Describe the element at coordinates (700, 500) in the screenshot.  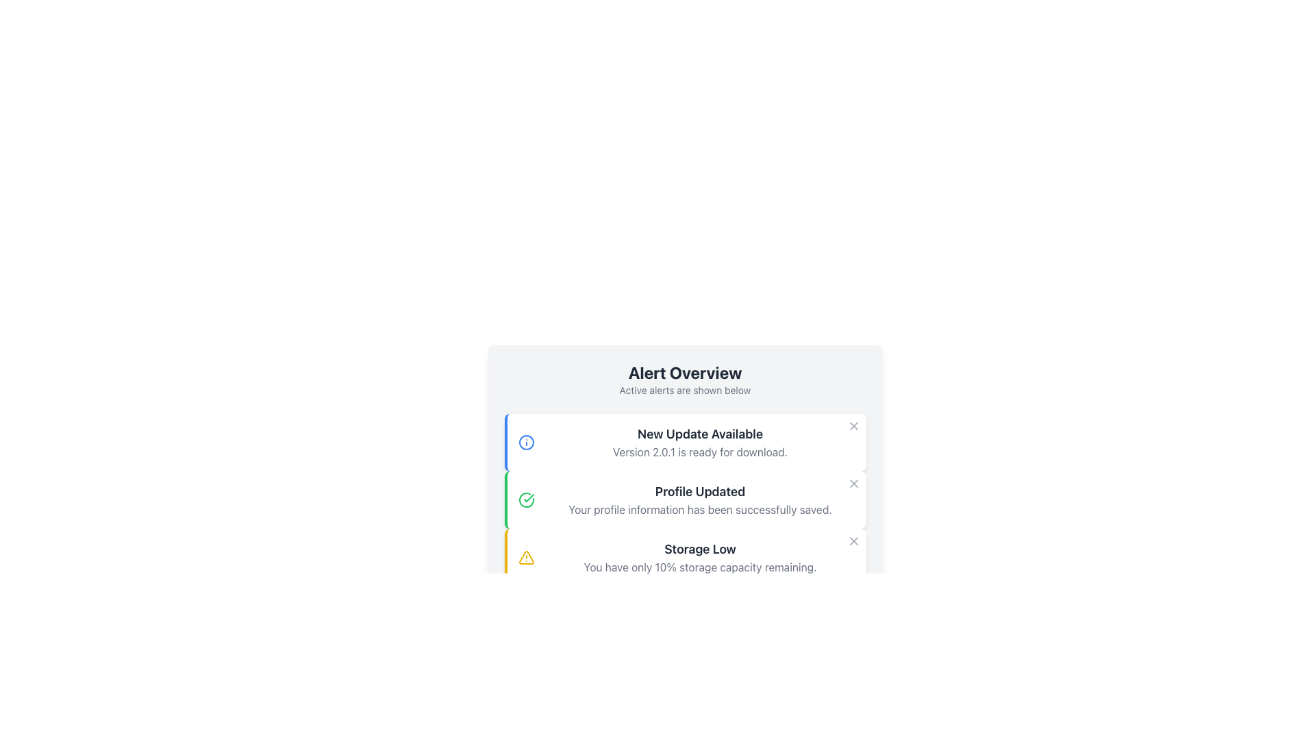
I see `the notification that states 'Profile Updated' which is positioned in the second notification slot, featuring a bold heading and a smaller text in a white rounded rectangle with a green stripe` at that location.